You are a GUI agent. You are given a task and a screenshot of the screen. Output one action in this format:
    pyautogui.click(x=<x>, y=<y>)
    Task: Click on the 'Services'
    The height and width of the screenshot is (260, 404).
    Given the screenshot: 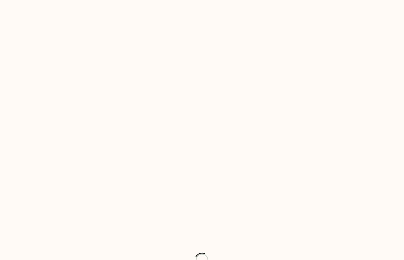 What is the action you would take?
    pyautogui.click(x=181, y=29)
    